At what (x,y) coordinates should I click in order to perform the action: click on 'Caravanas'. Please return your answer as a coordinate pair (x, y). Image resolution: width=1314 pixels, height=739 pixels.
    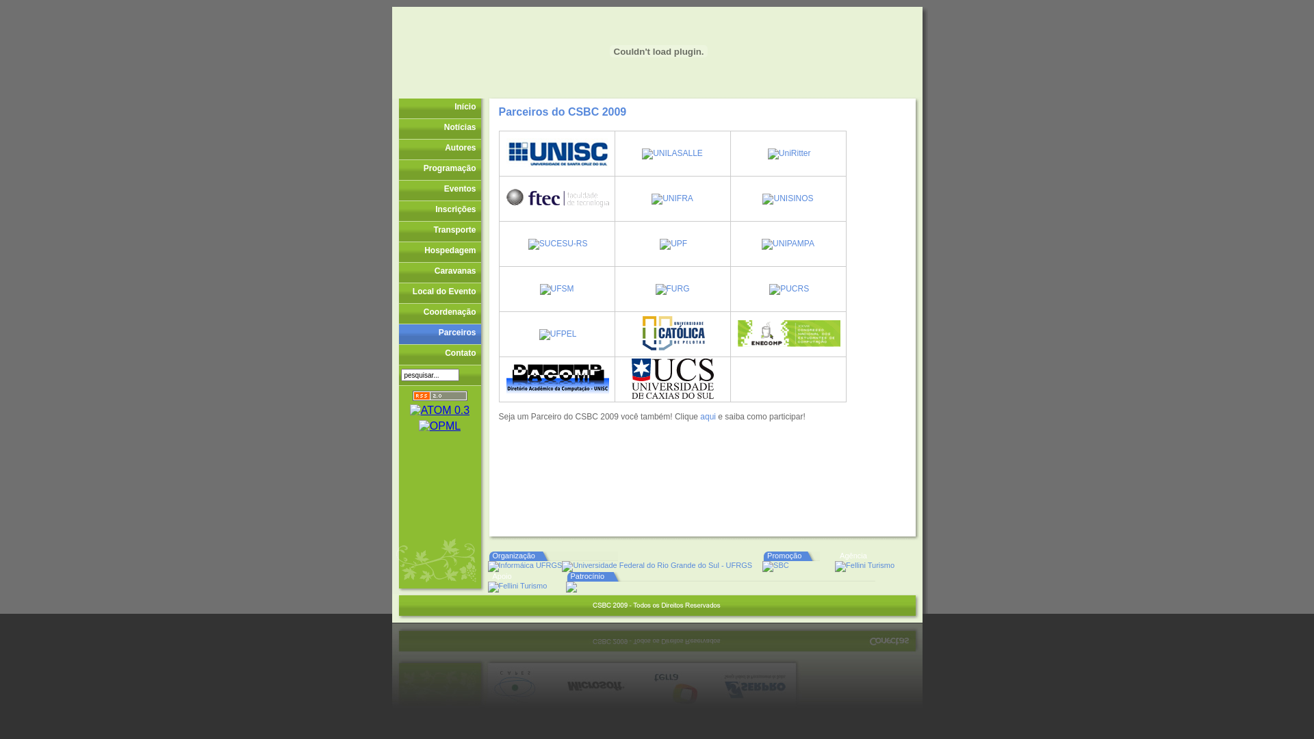
    Looking at the image, I should click on (439, 272).